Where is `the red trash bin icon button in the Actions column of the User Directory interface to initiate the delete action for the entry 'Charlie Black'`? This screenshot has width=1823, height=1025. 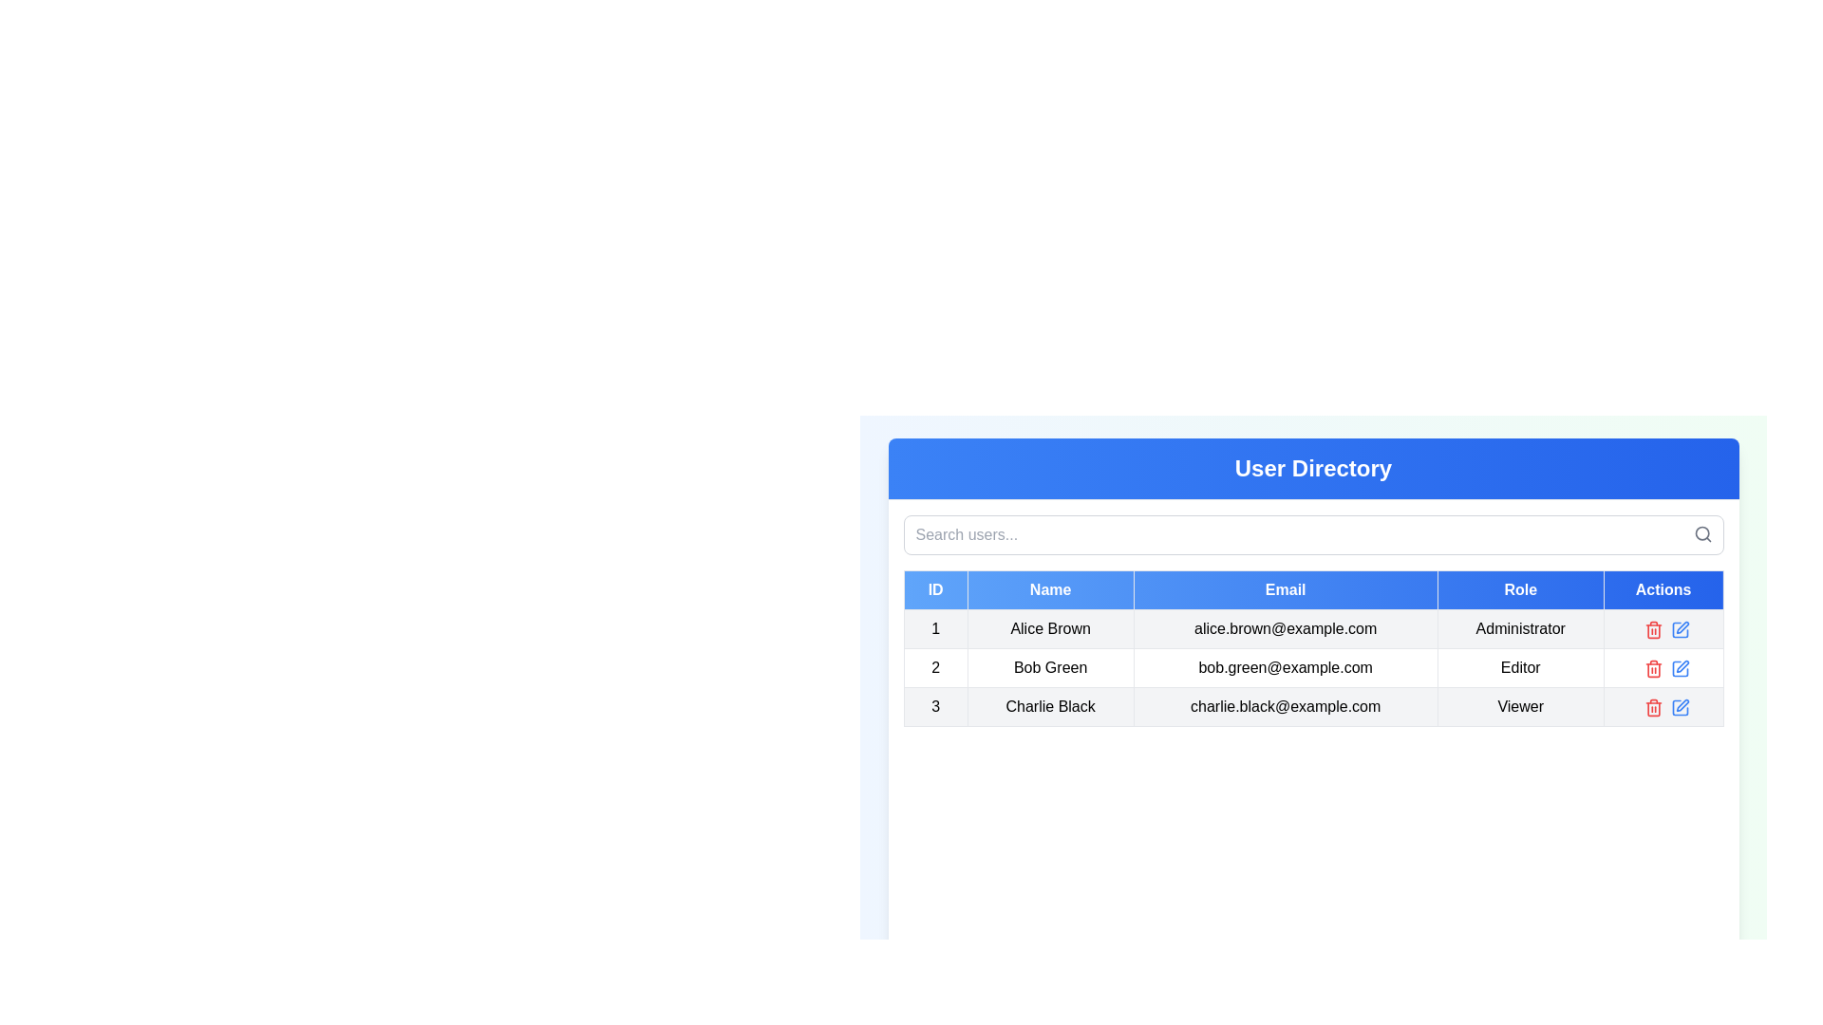
the red trash bin icon button in the Actions column of the User Directory interface to initiate the delete action for the entry 'Charlie Black' is located at coordinates (1653, 706).